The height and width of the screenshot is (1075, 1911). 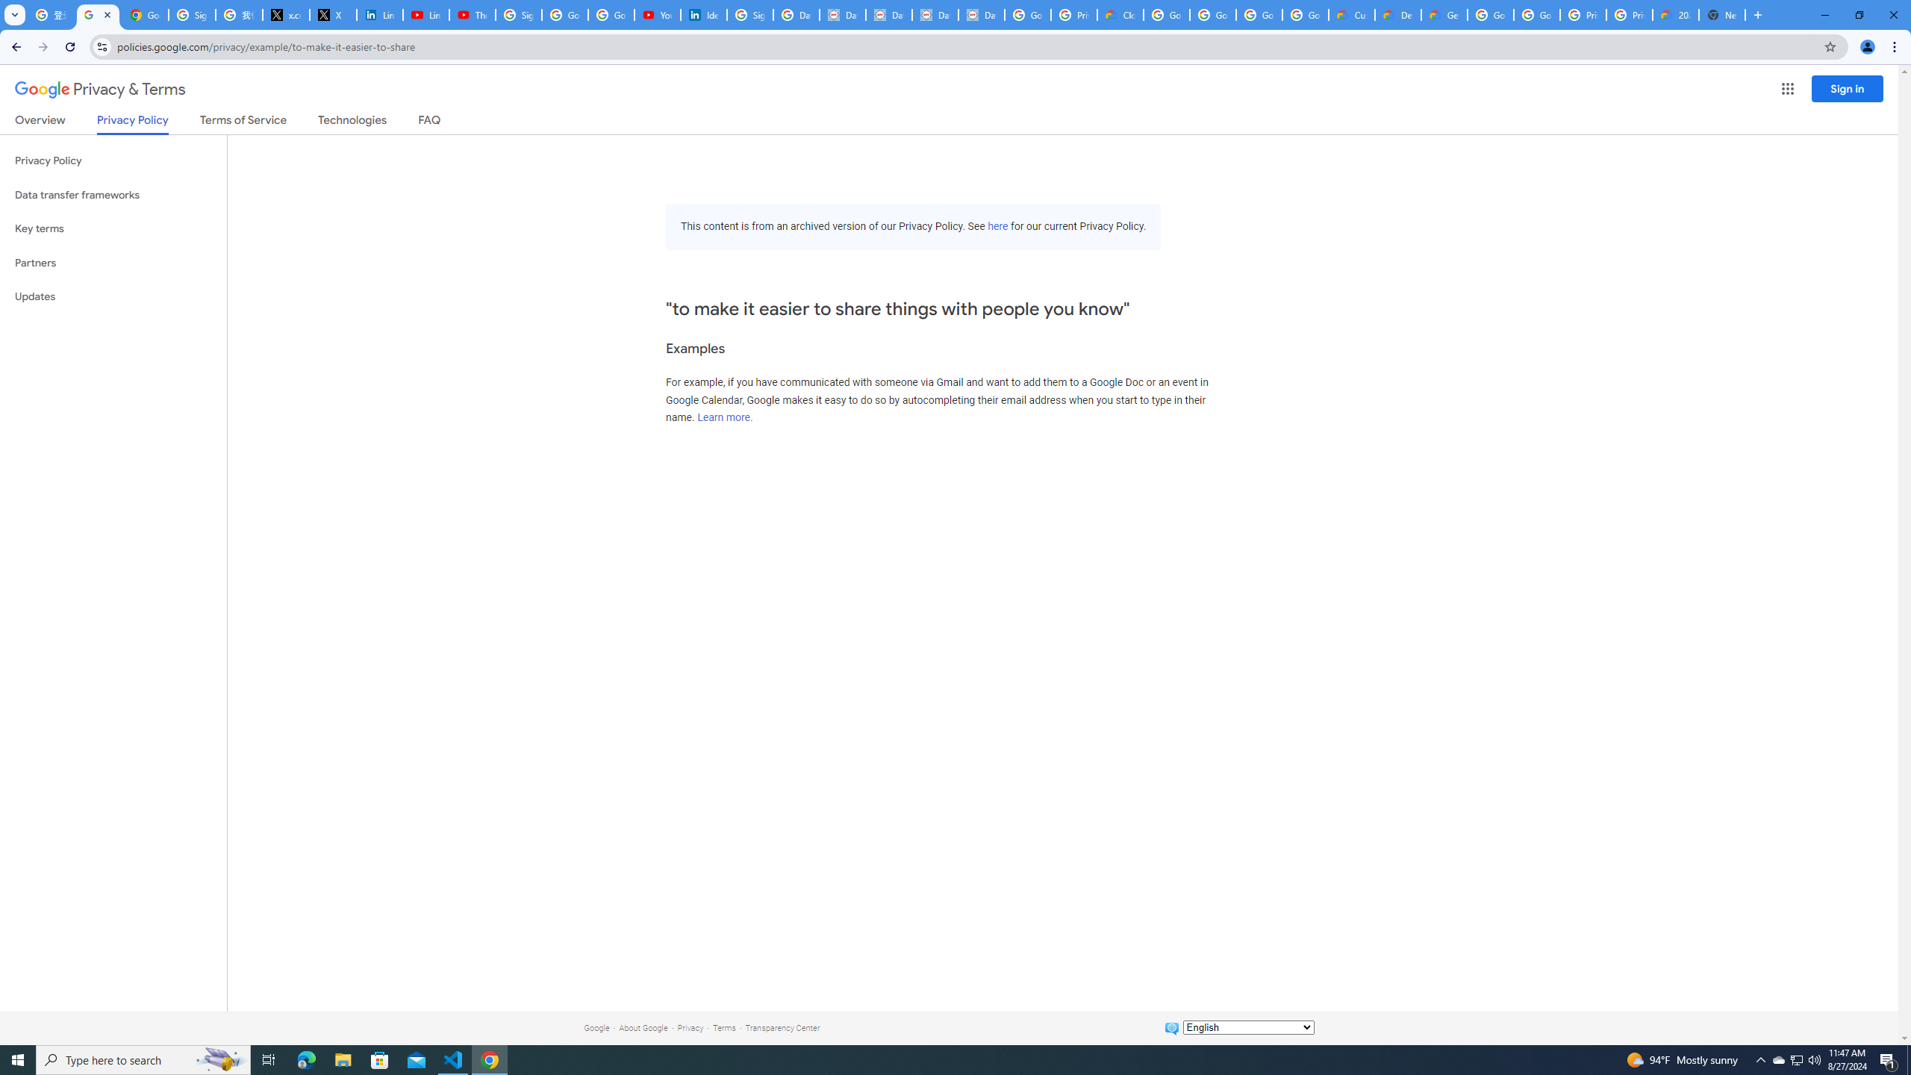 I want to click on 'Learn more.', so click(x=724, y=417).